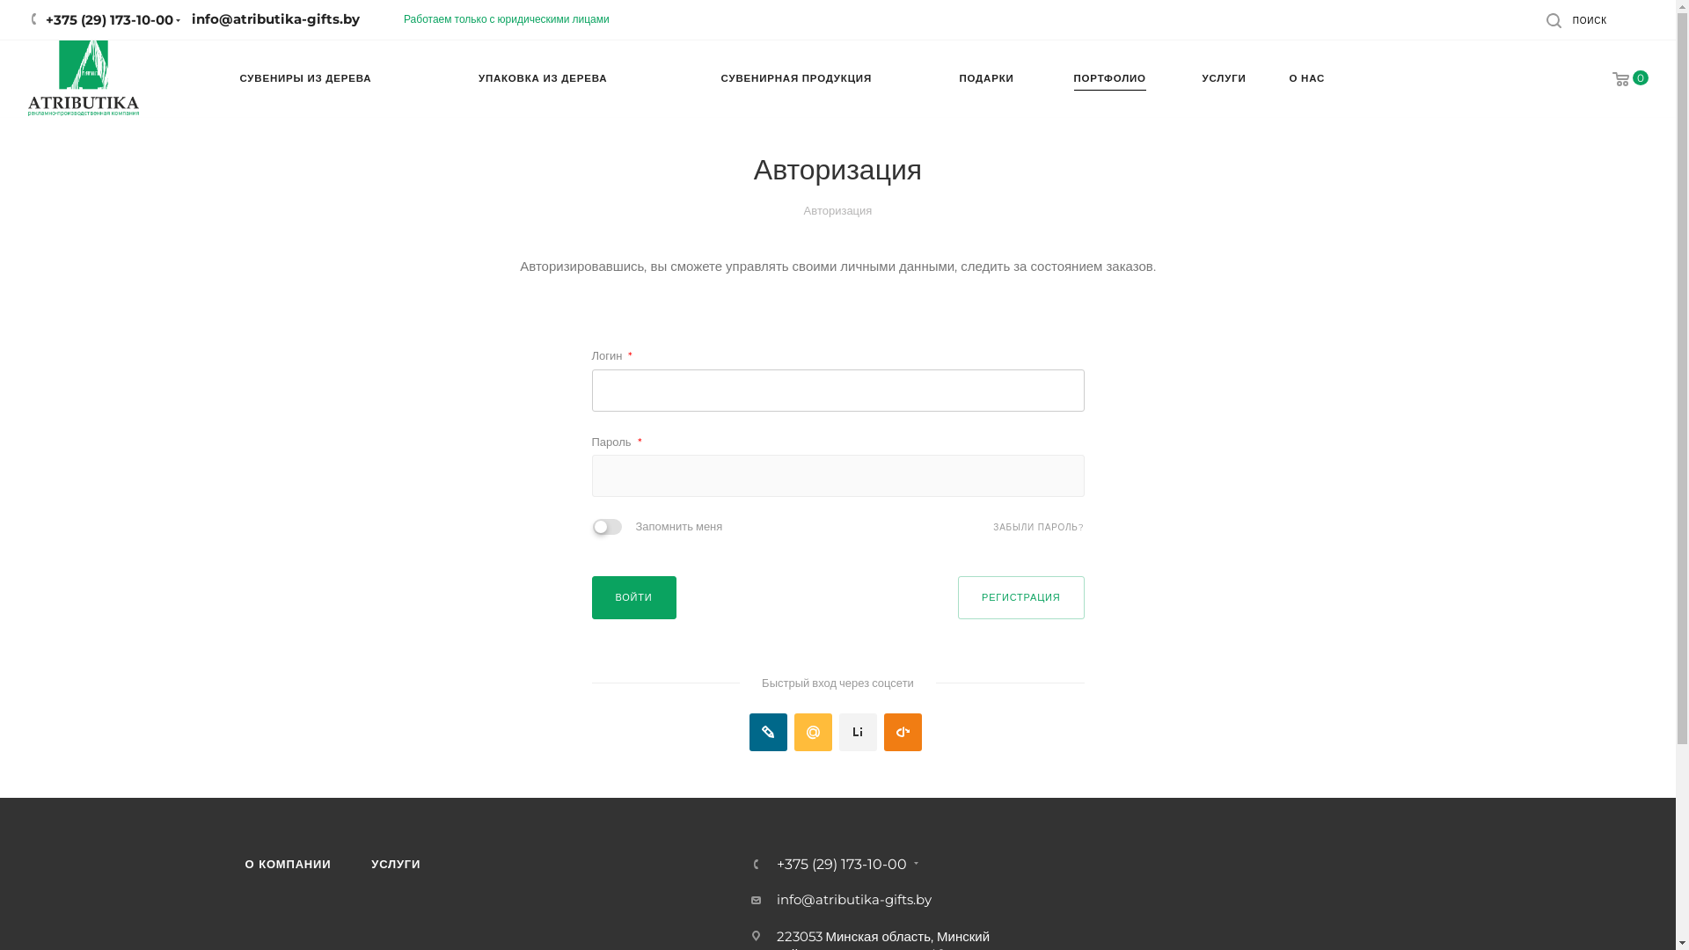  What do you see at coordinates (903, 732) in the screenshot?
I see `'OpenID'` at bounding box center [903, 732].